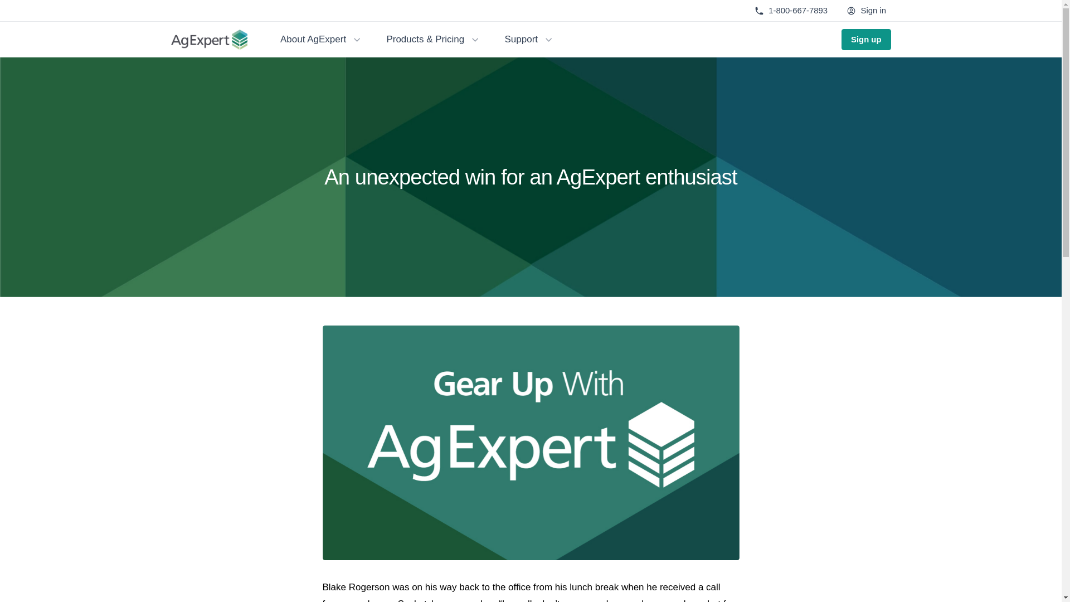 Image resolution: width=1070 pixels, height=602 pixels. Describe the element at coordinates (866, 11) in the screenshot. I see `'Sign in'` at that location.